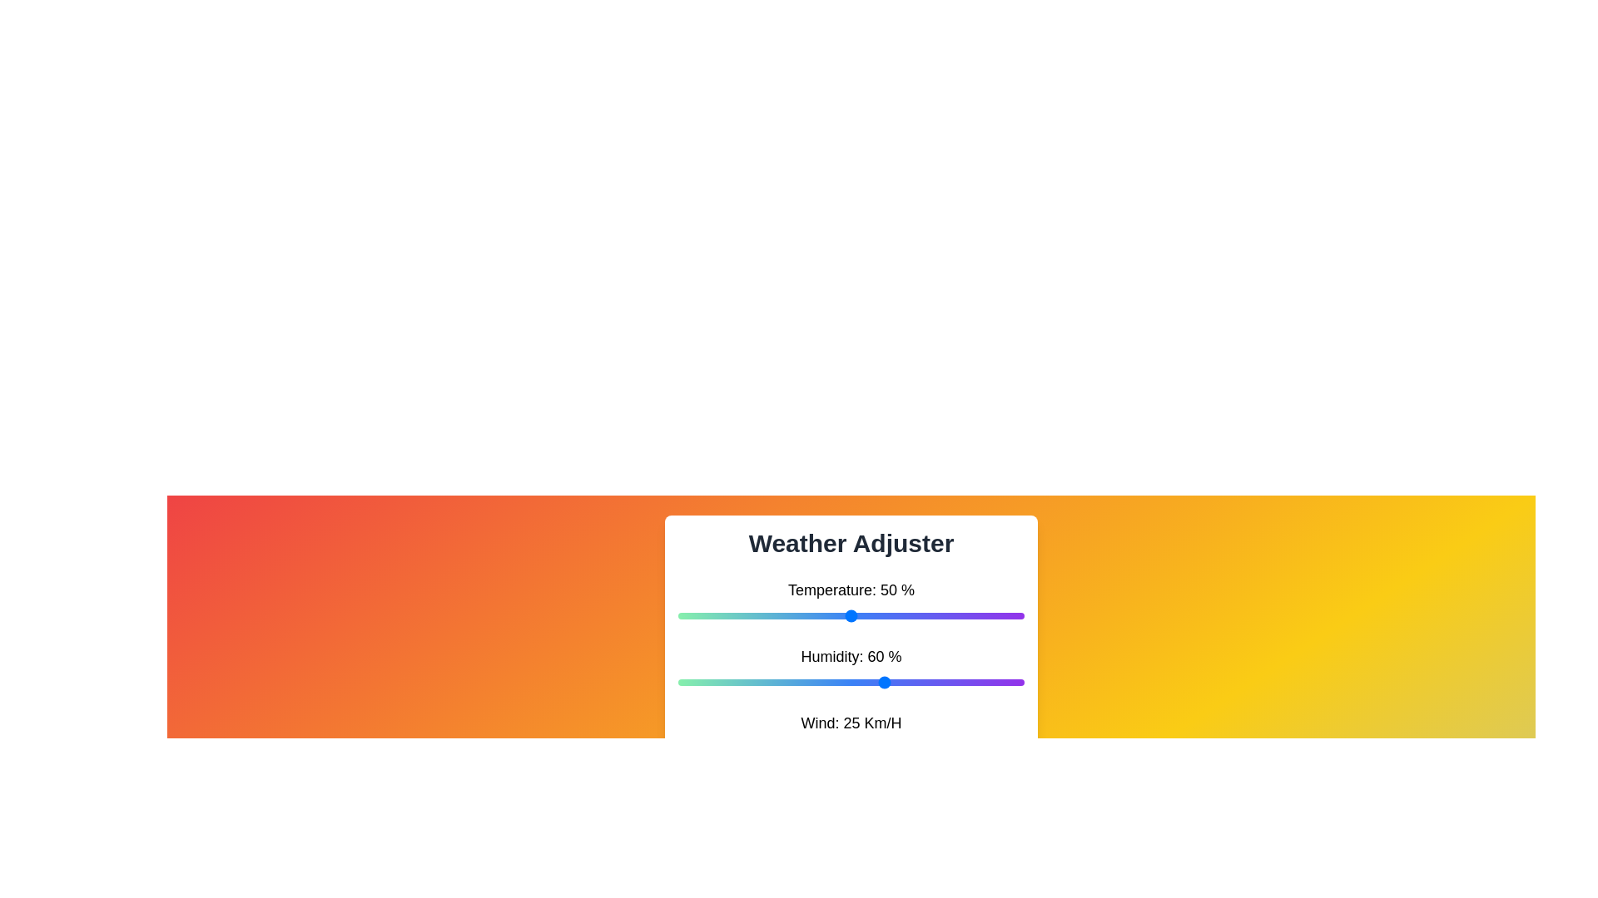 This screenshot has width=1598, height=898. Describe the element at coordinates (888, 683) in the screenshot. I see `the humidity slider to 61%` at that location.